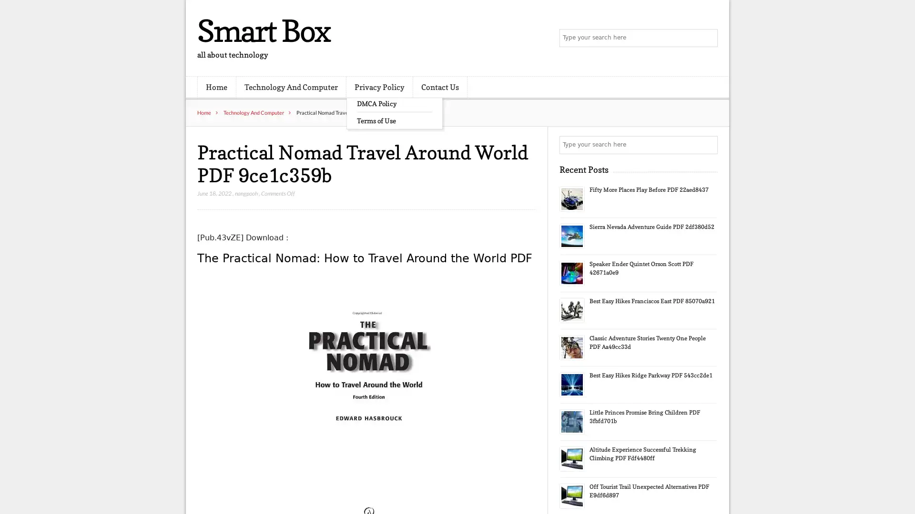 The width and height of the screenshot is (915, 514). What do you see at coordinates (708, 38) in the screenshot?
I see `Search` at bounding box center [708, 38].